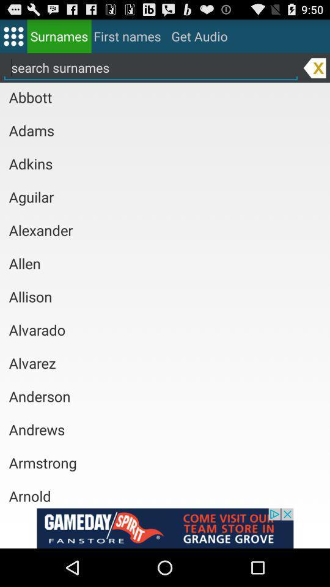  What do you see at coordinates (315, 67) in the screenshot?
I see `delete text` at bounding box center [315, 67].